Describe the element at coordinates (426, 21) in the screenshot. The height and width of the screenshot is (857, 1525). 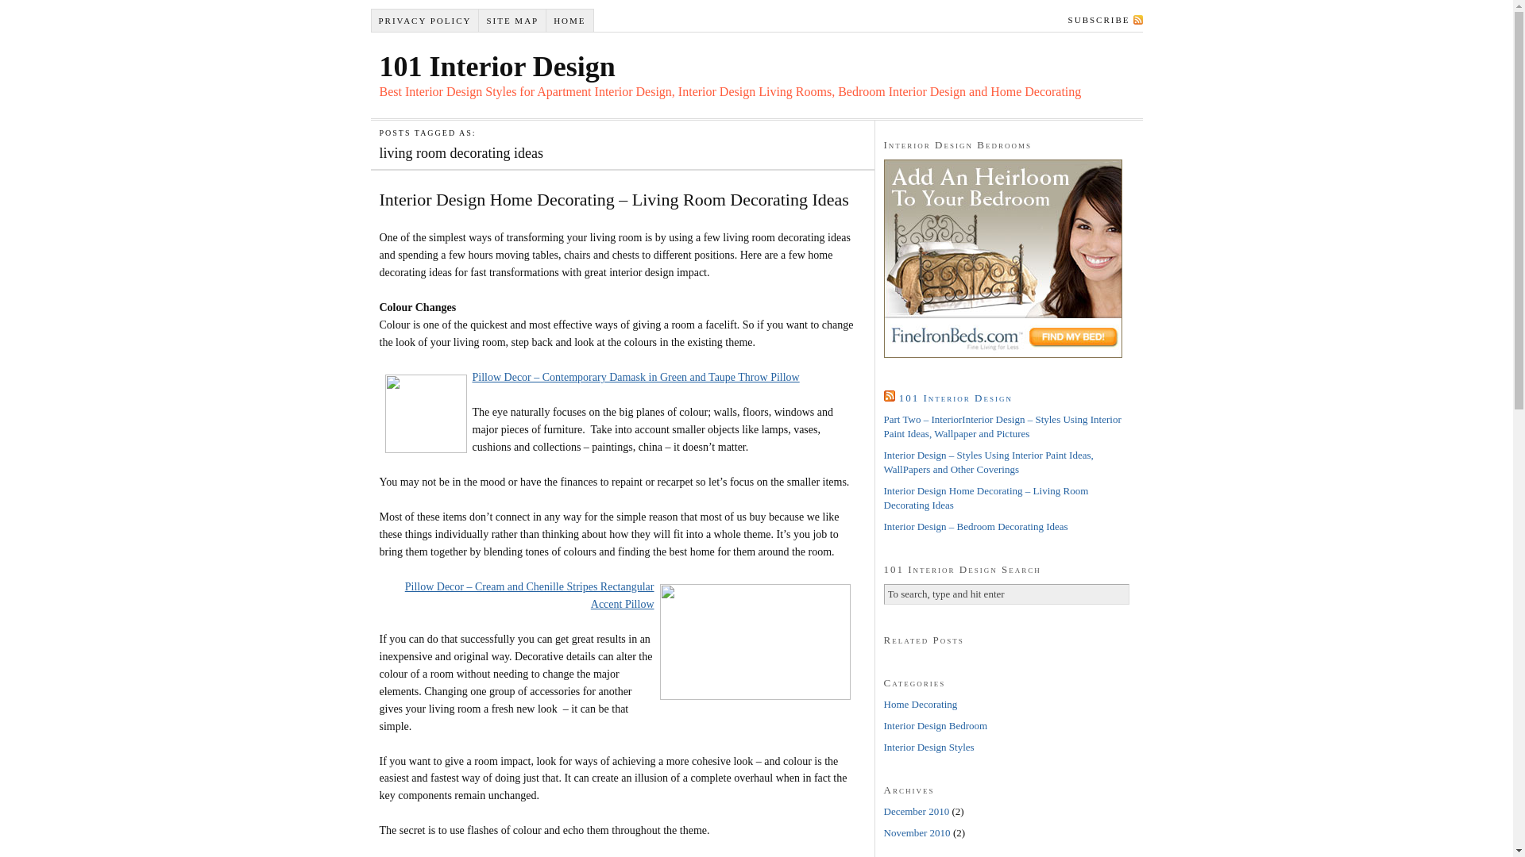
I see `'PRIVACY POLICY'` at that location.